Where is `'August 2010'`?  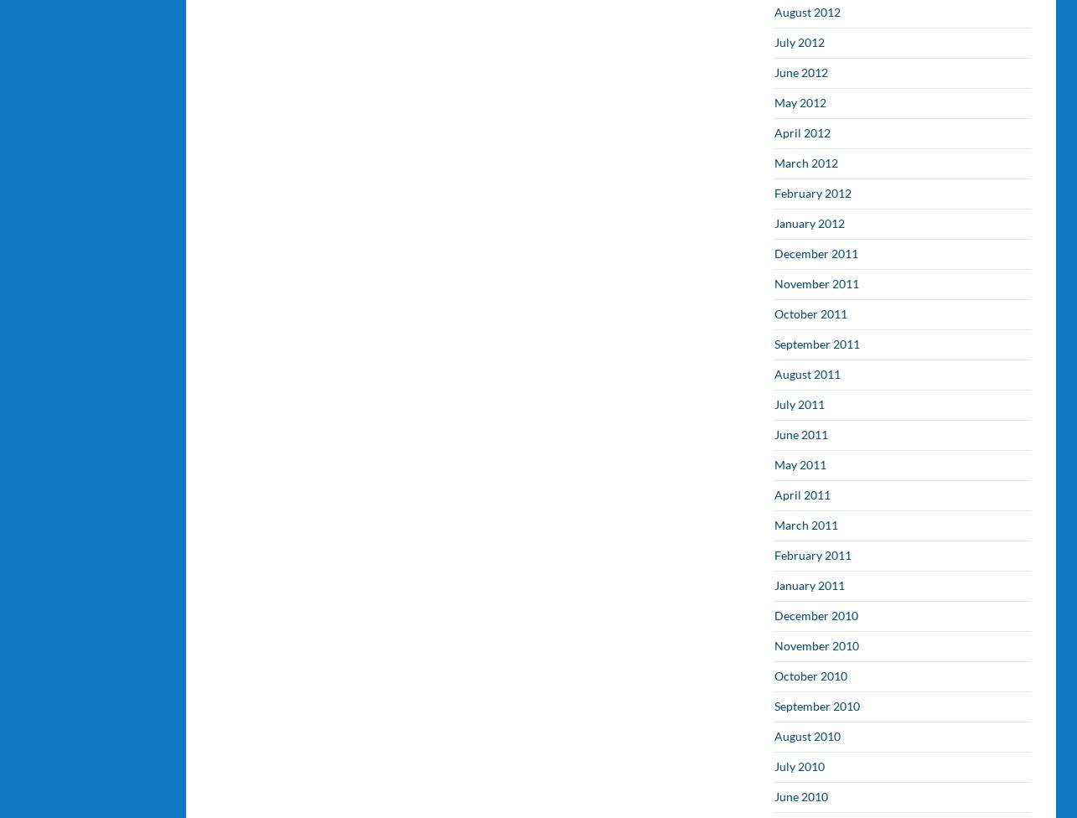 'August 2010' is located at coordinates (807, 735).